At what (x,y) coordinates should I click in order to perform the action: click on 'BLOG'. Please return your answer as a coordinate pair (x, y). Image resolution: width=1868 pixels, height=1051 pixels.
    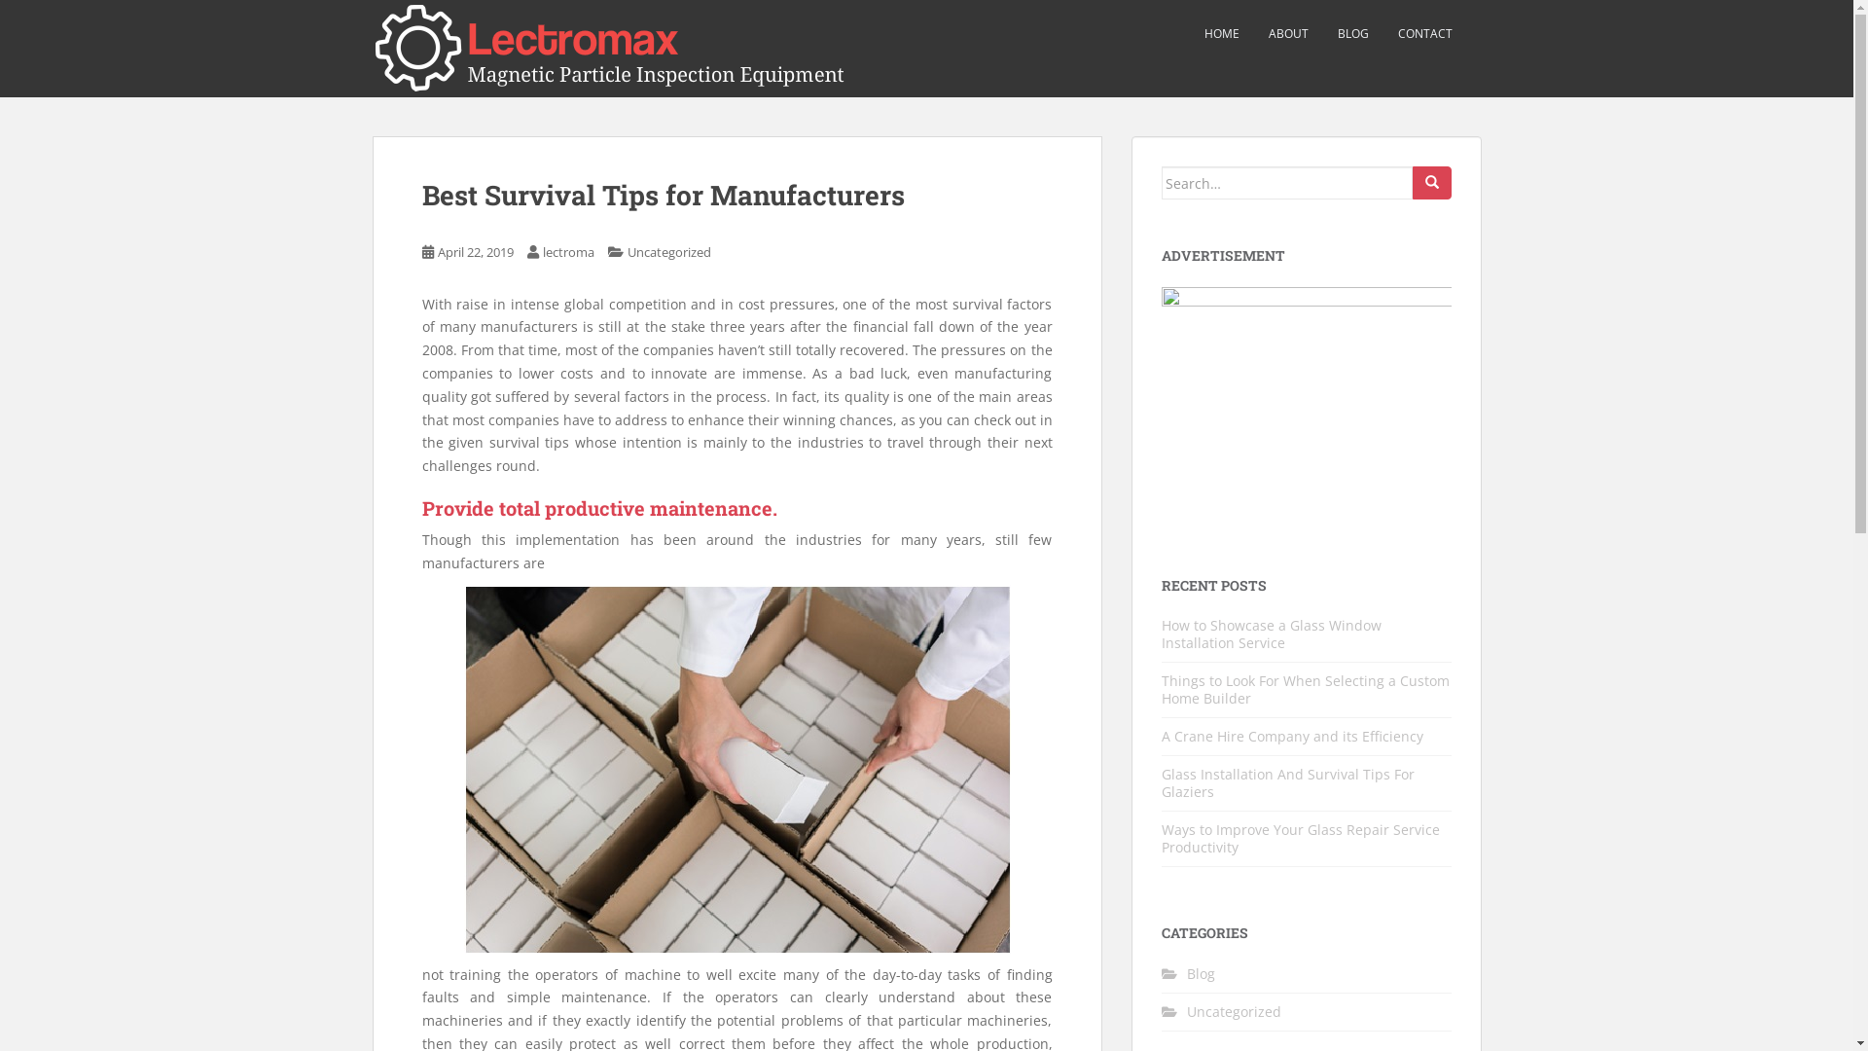
    Looking at the image, I should click on (1351, 33).